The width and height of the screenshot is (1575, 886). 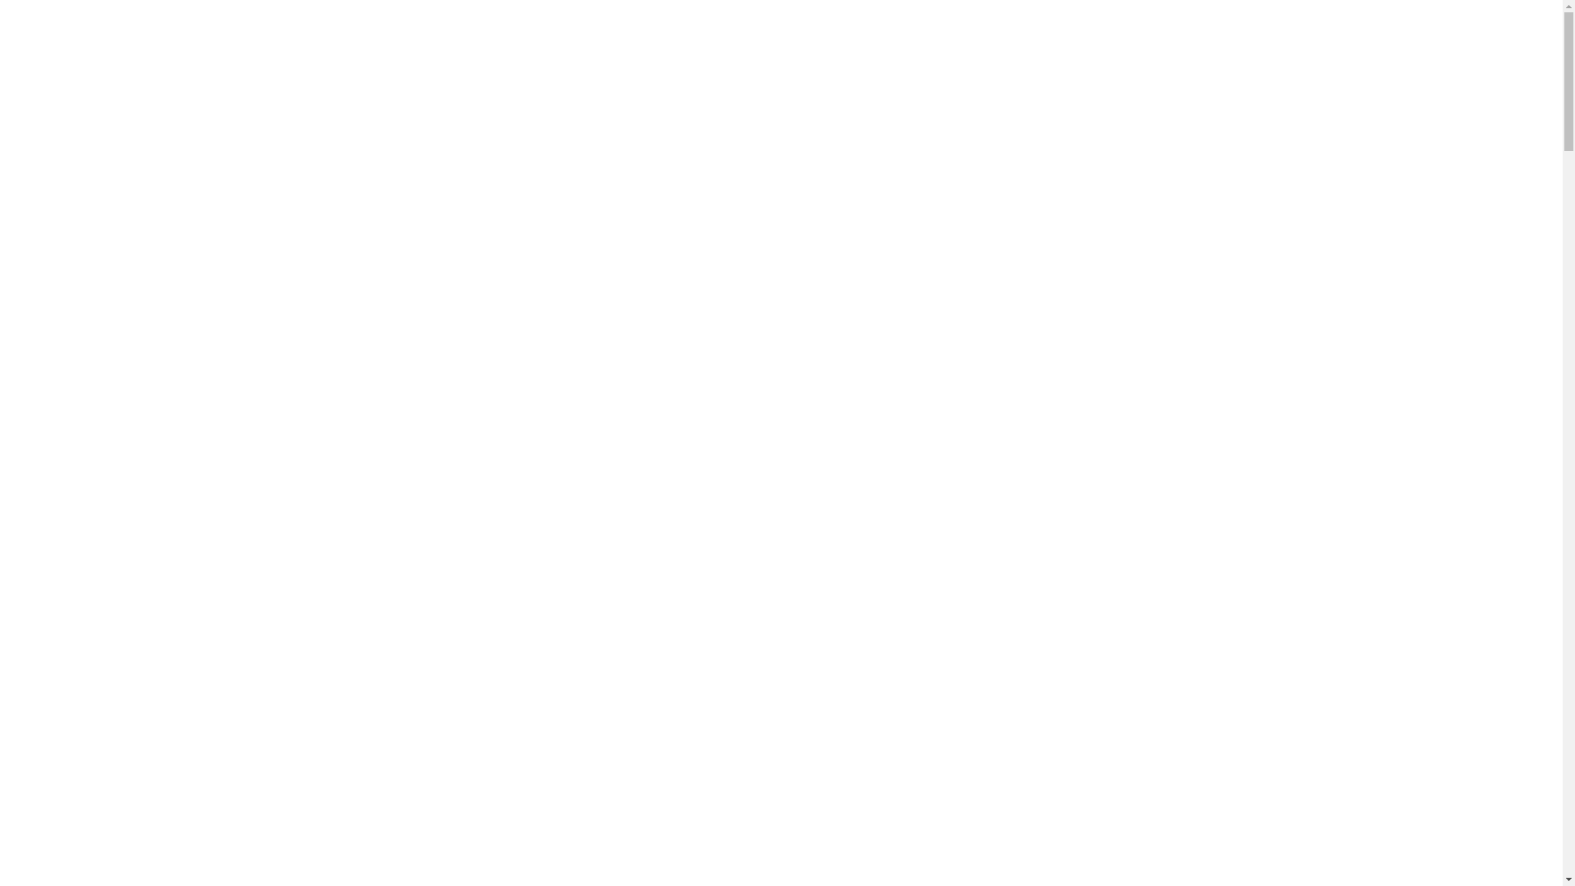 I want to click on 'Skip to content', so click(x=46, y=13).